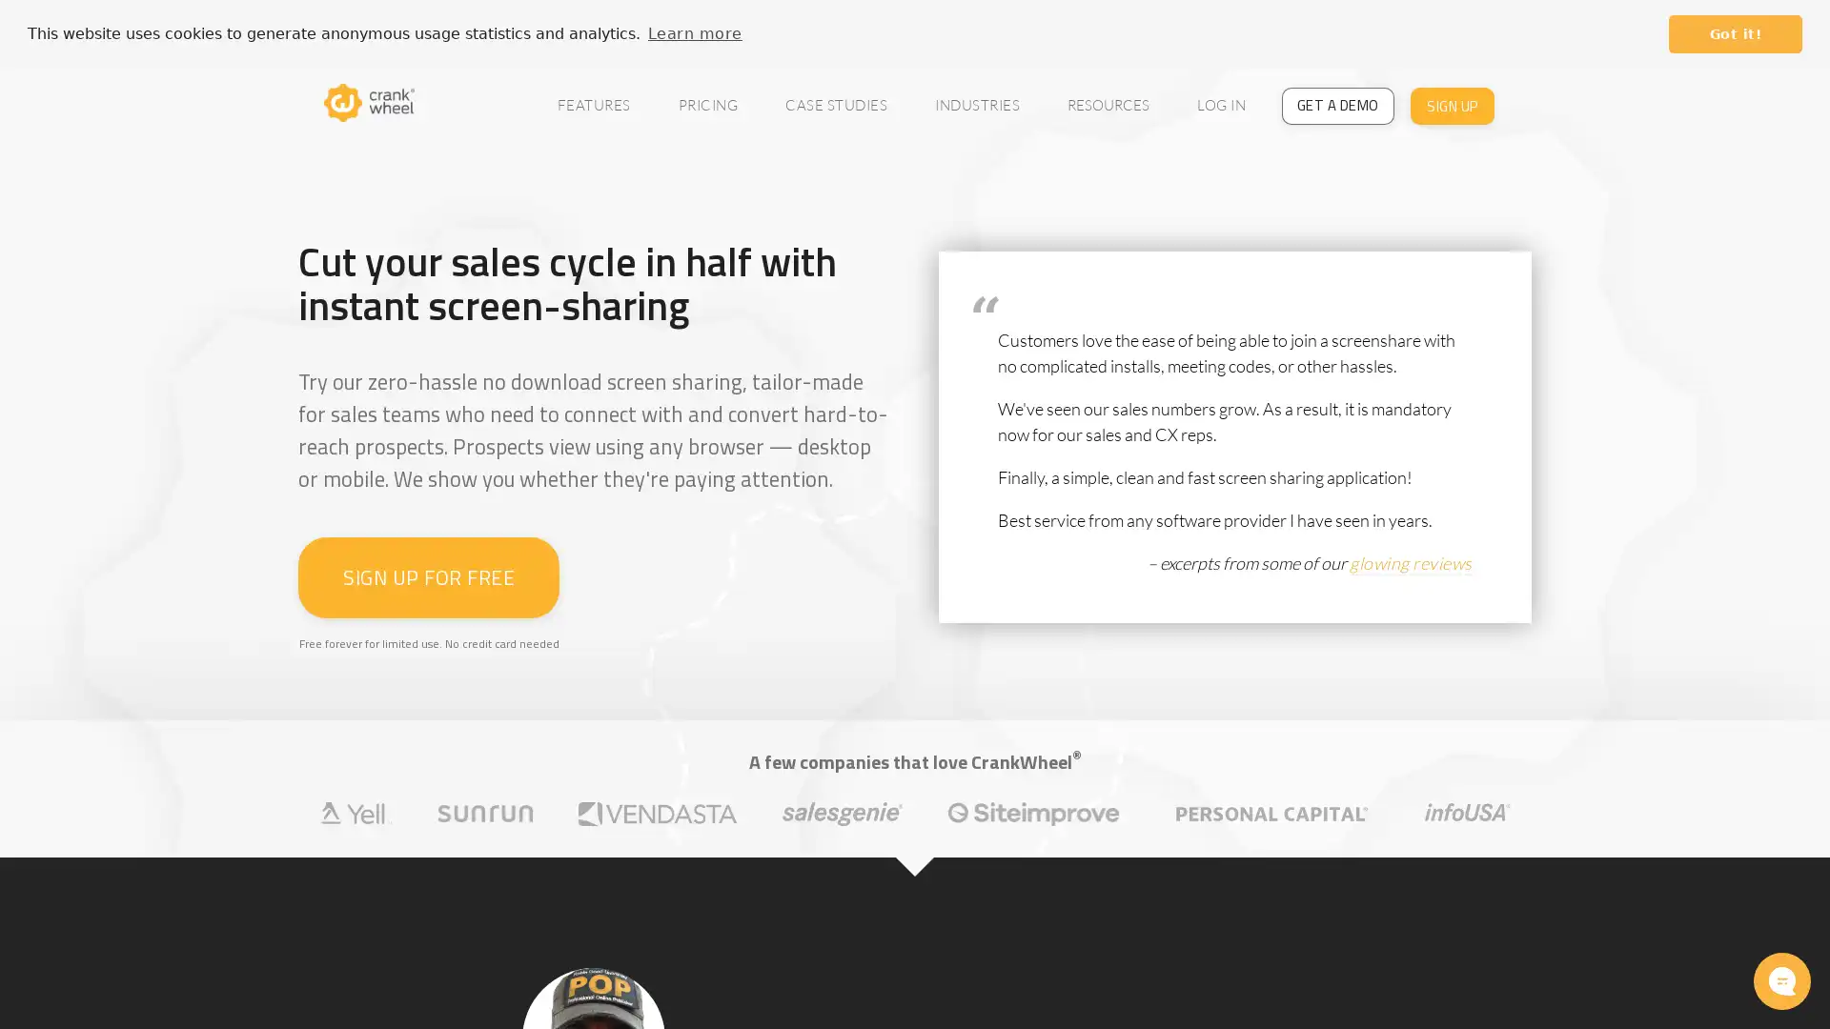 Image resolution: width=1830 pixels, height=1029 pixels. I want to click on learn more about cookies, so click(694, 32).